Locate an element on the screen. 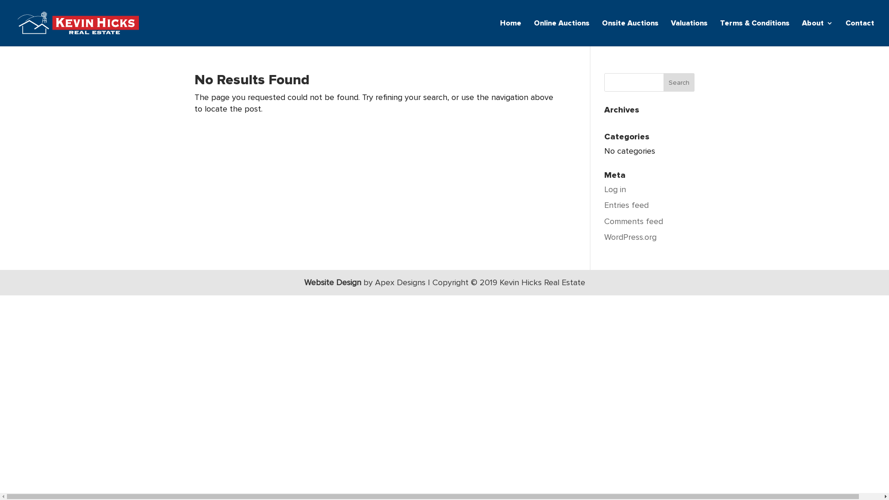 This screenshot has height=500, width=889. 'Entries feed' is located at coordinates (604, 205).